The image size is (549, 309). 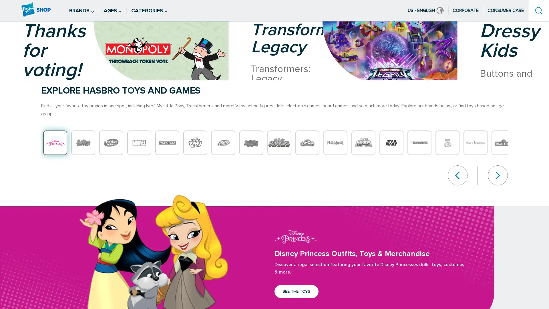 I want to click on 2, so click(x=21, y=99).